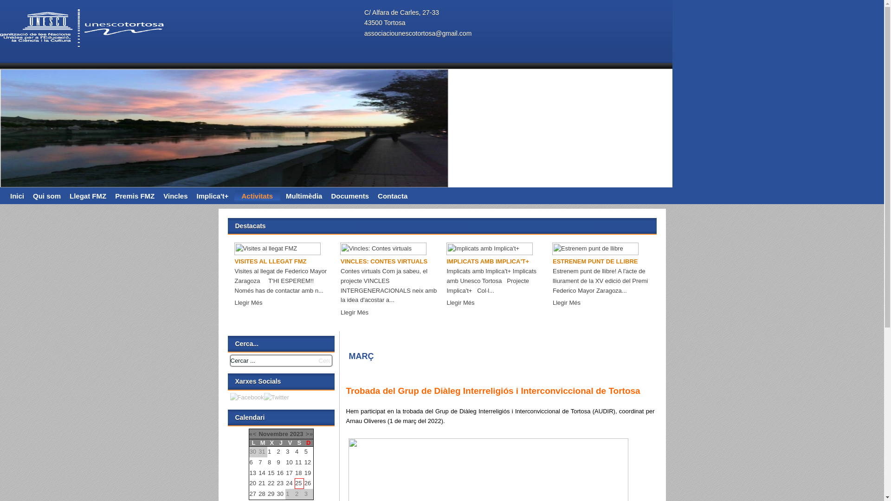  What do you see at coordinates (285, 462) in the screenshot?
I see `'10'` at bounding box center [285, 462].